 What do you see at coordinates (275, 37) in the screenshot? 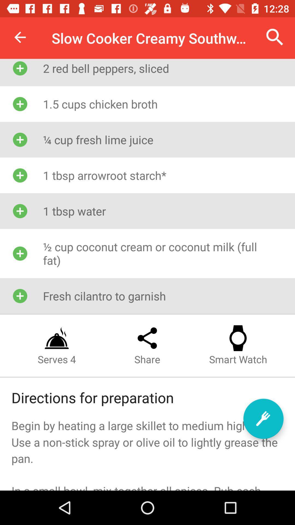
I see `the item at the top right corner` at bounding box center [275, 37].